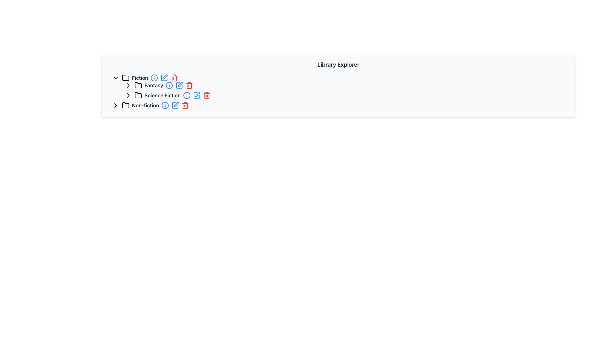  Describe the element at coordinates (189, 85) in the screenshot. I see `the red trash can icon button, which is the third icon from the left in the action icons group for the 'Fantasy' folder` at that location.